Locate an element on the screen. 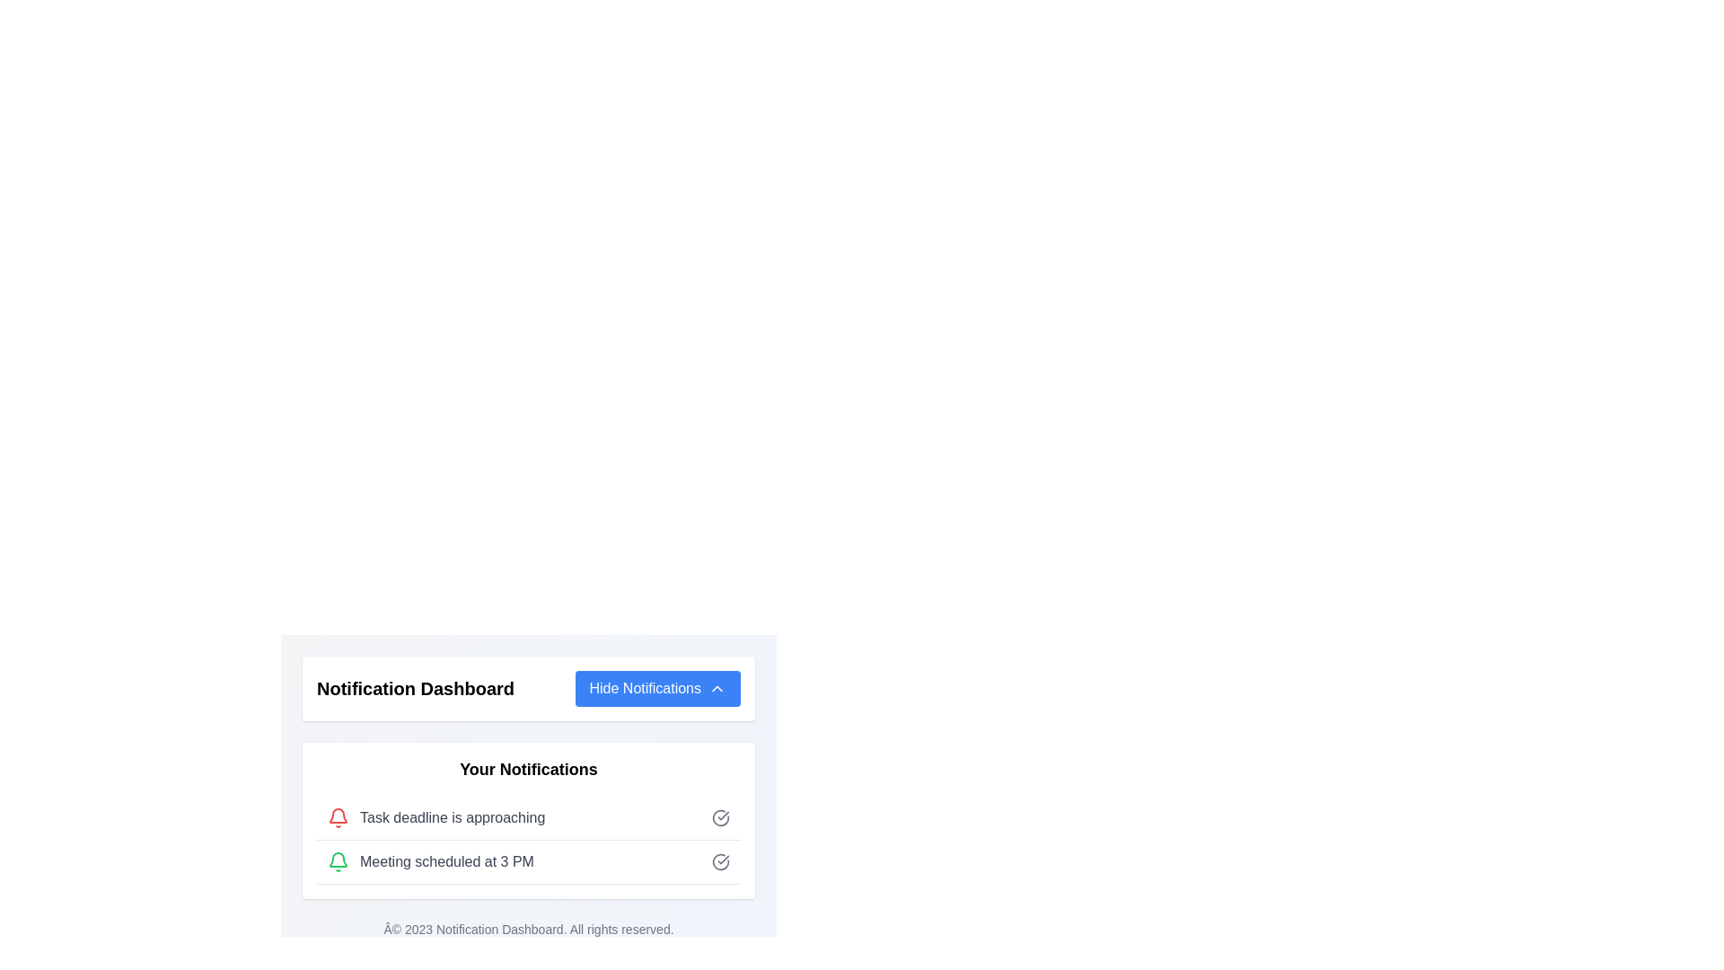 This screenshot has width=1724, height=970. the copyright notice text label in the footer of the interface, which displays '© 2023 Notification Dashboard. All rights reserved.' is located at coordinates (528, 929).